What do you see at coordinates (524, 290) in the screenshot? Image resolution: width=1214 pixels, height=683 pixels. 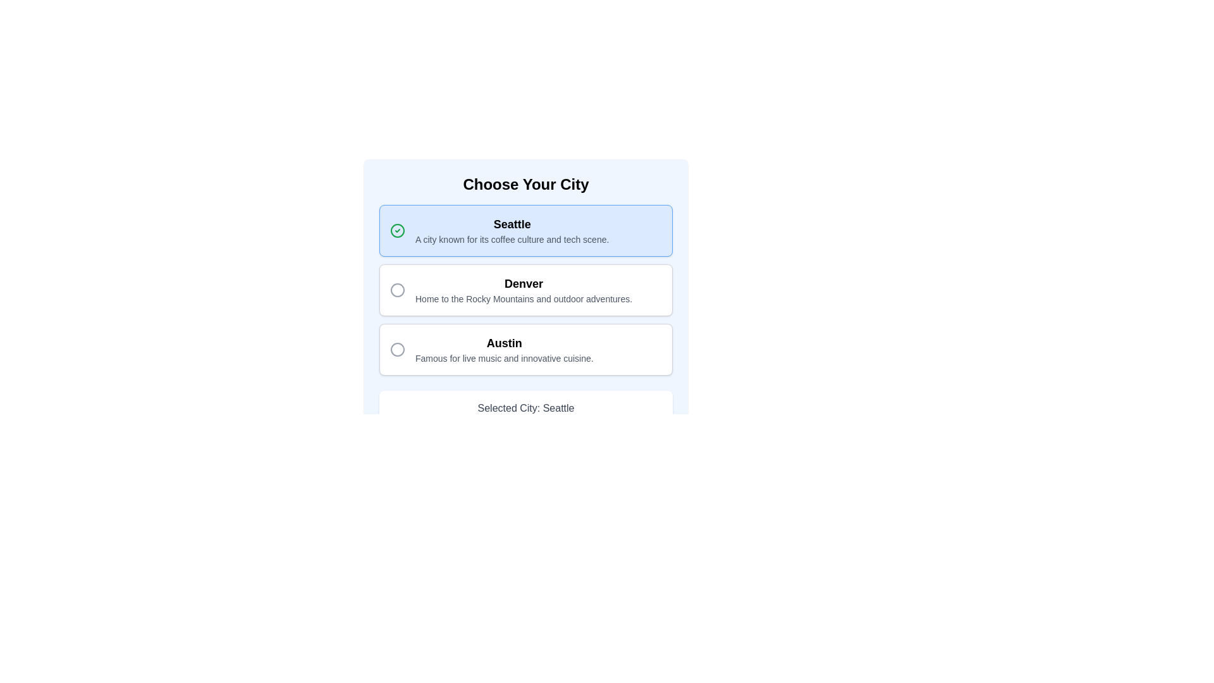 I see `text content of the second text block in the vertical list of city choices, which displays 'Denver' in bold and a descriptive sentence below it` at bounding box center [524, 290].